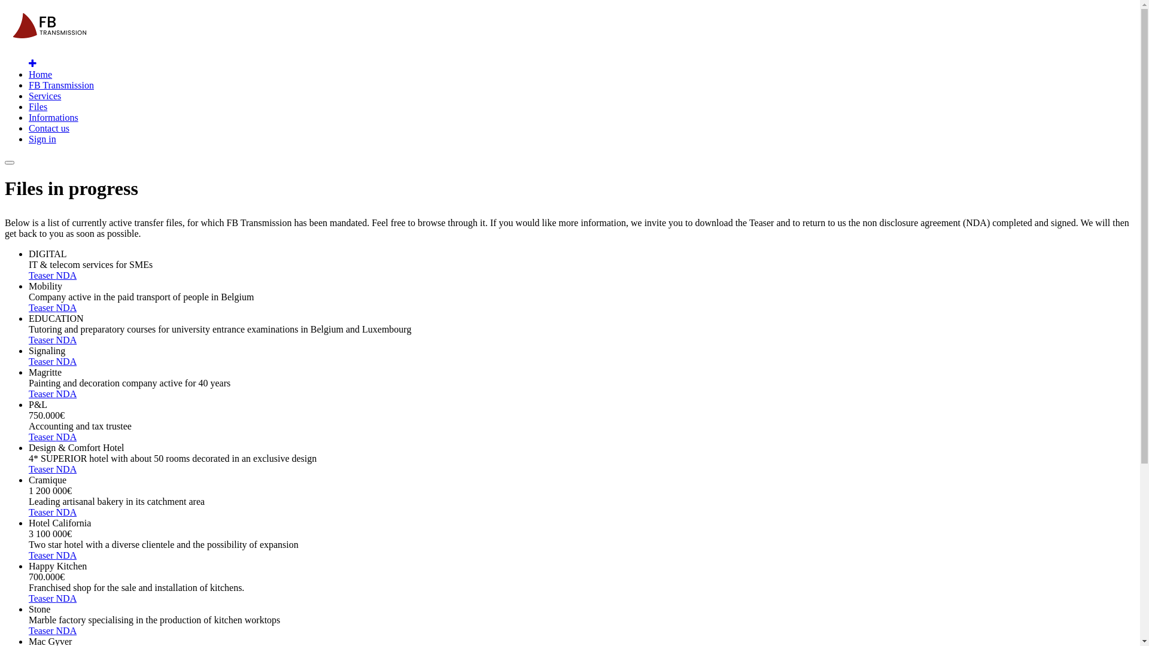 This screenshot has width=1149, height=646. I want to click on 'NDA', so click(56, 275).